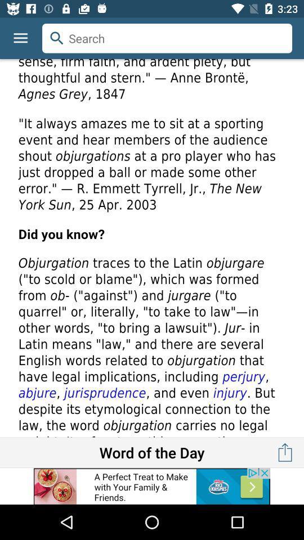 This screenshot has width=304, height=540. Describe the element at coordinates (152, 248) in the screenshot. I see `advertisement page` at that location.